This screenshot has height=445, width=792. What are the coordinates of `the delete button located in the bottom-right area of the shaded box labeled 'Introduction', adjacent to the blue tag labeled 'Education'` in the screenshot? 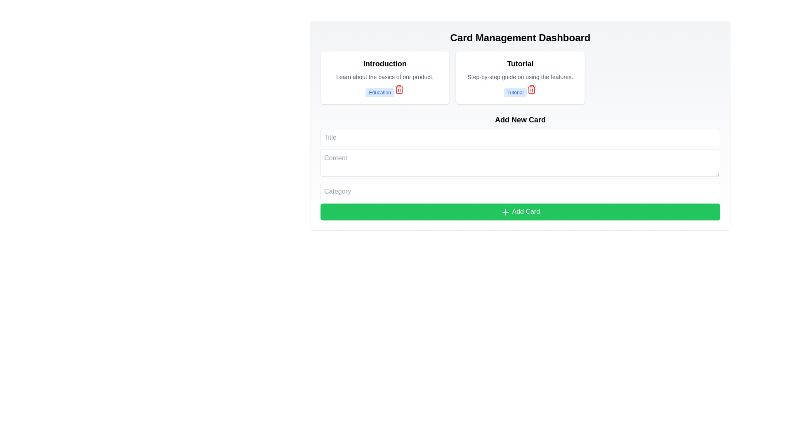 It's located at (399, 89).